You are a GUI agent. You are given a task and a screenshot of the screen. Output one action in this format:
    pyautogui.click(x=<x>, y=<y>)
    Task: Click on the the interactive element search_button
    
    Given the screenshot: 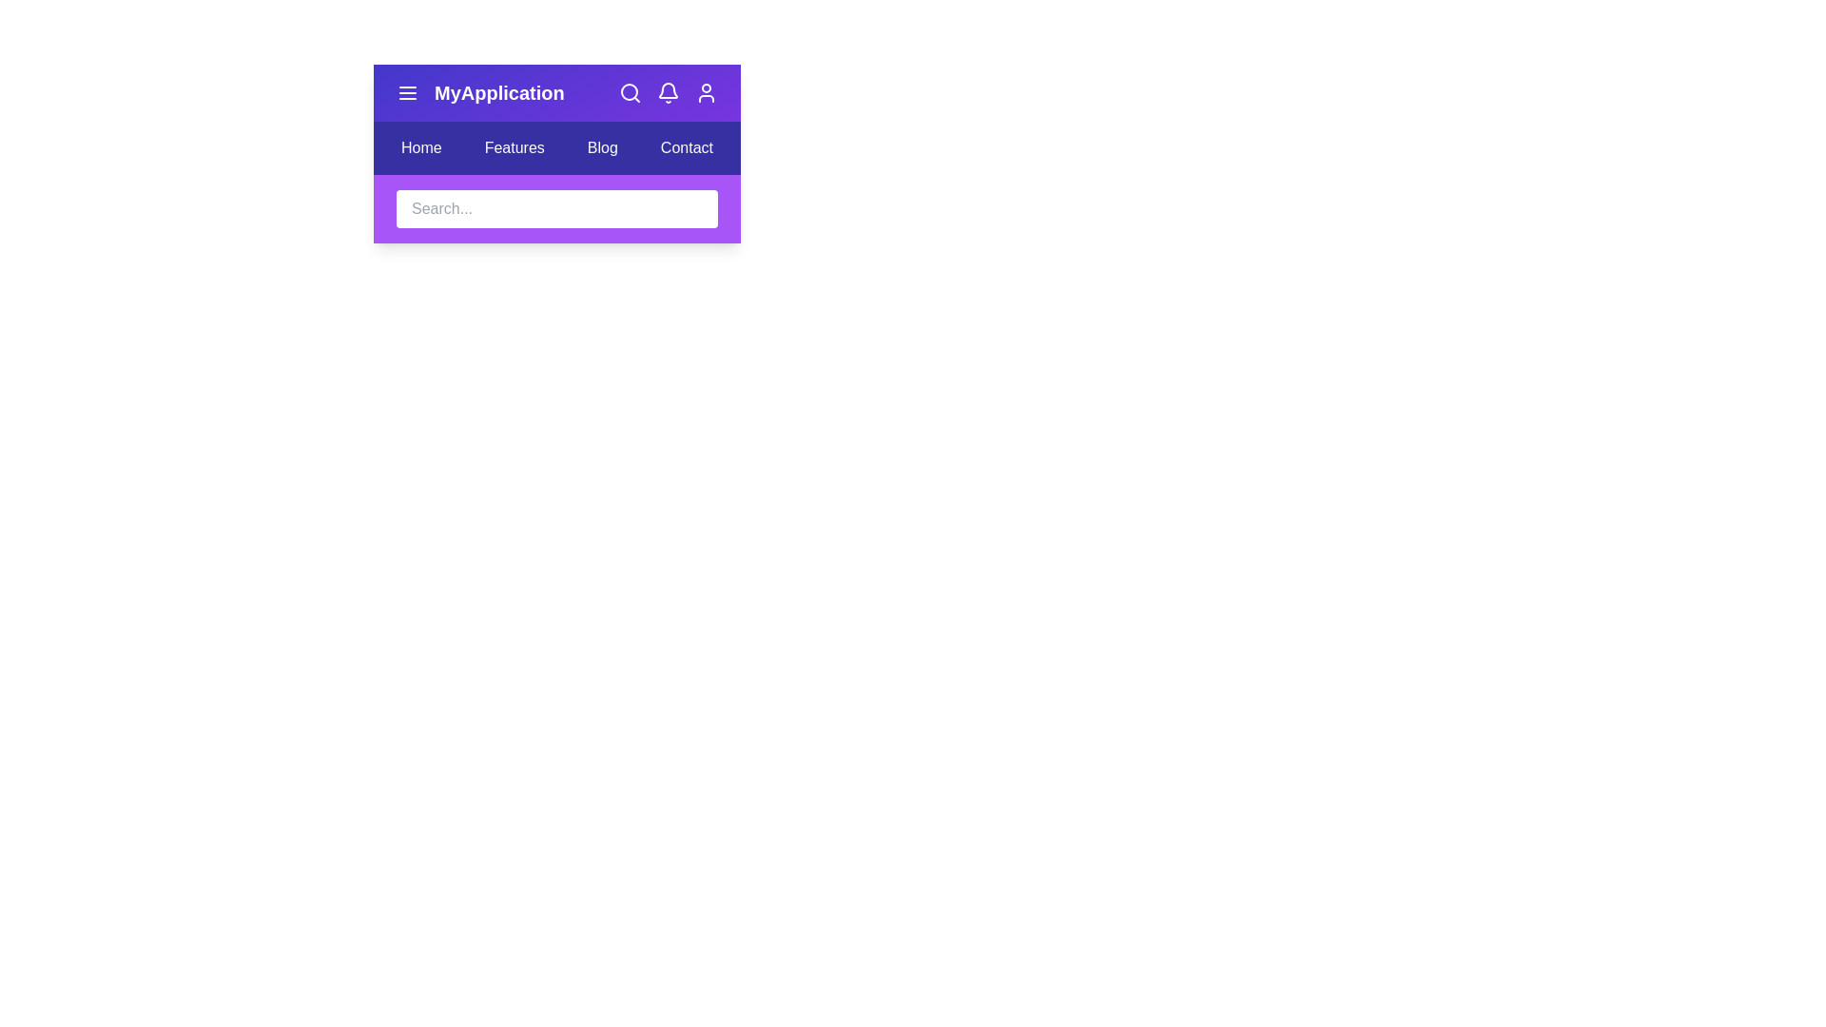 What is the action you would take?
    pyautogui.click(x=630, y=92)
    